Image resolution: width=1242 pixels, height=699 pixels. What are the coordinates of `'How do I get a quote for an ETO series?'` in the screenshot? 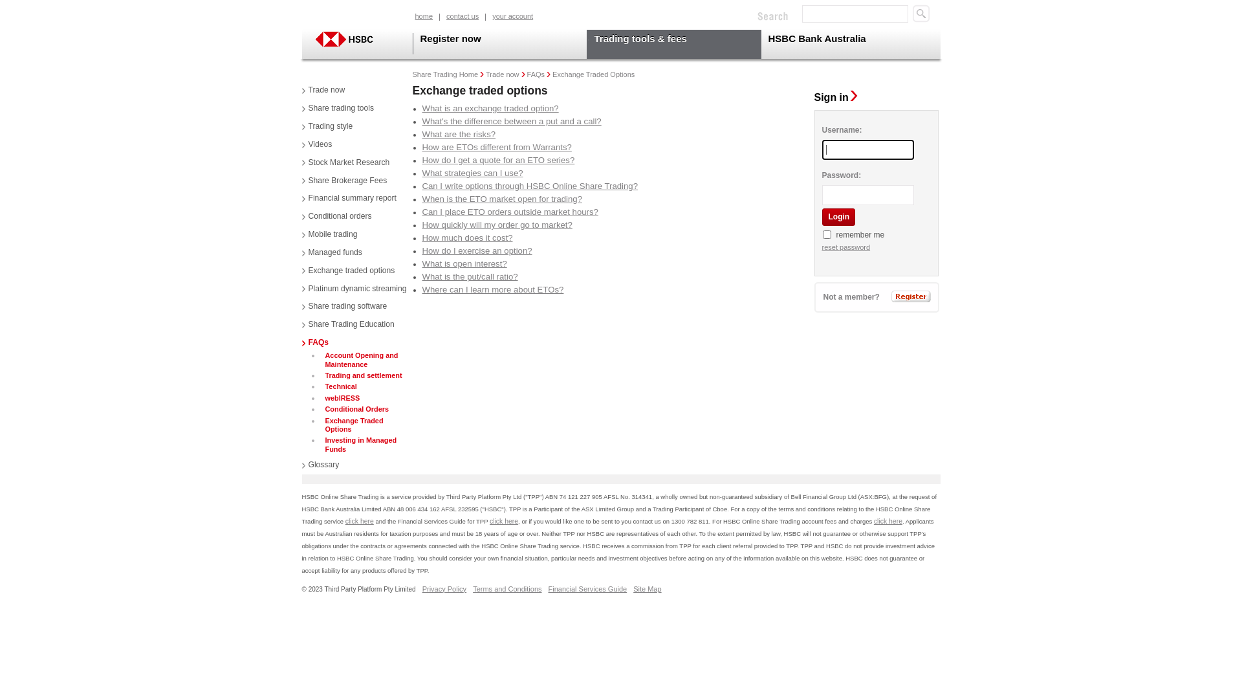 It's located at (497, 159).